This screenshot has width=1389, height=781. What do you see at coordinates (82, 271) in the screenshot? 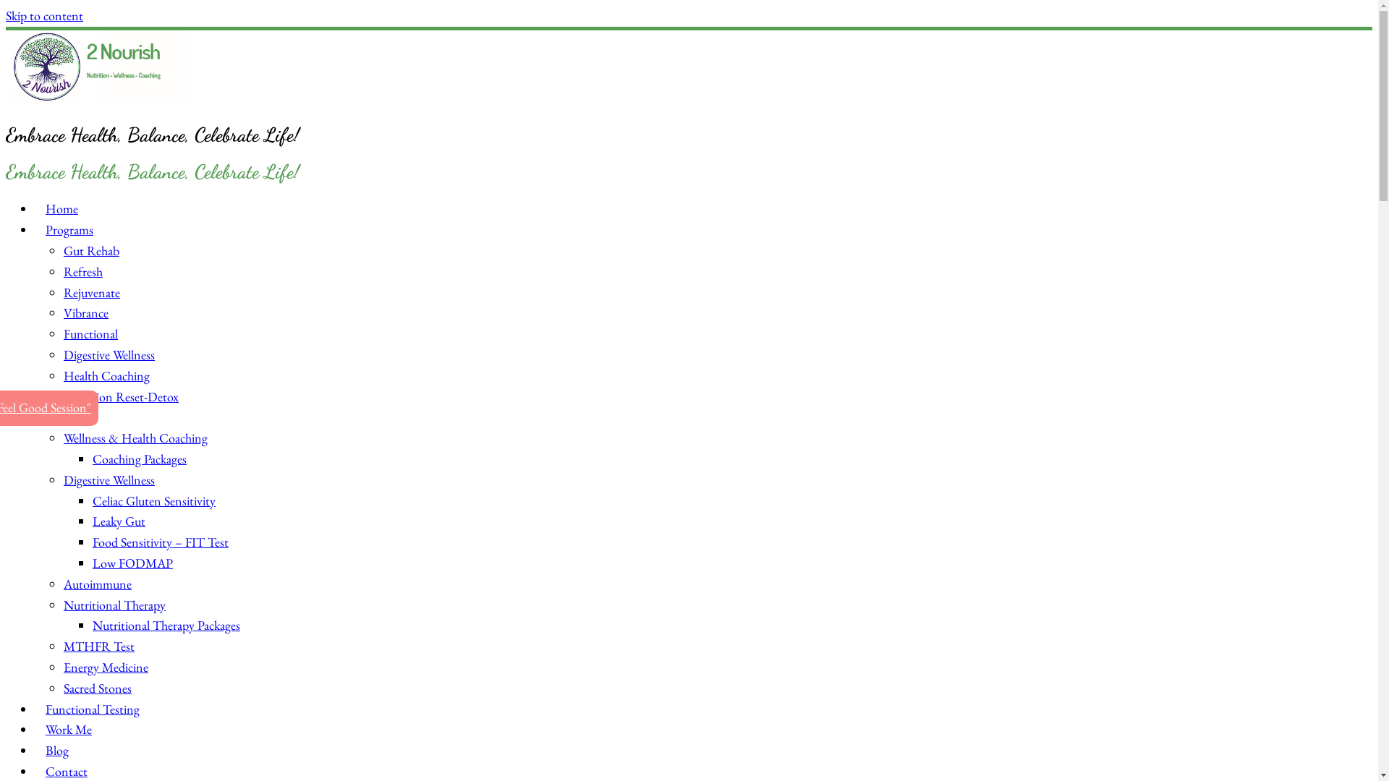
I see `'Refresh'` at bounding box center [82, 271].